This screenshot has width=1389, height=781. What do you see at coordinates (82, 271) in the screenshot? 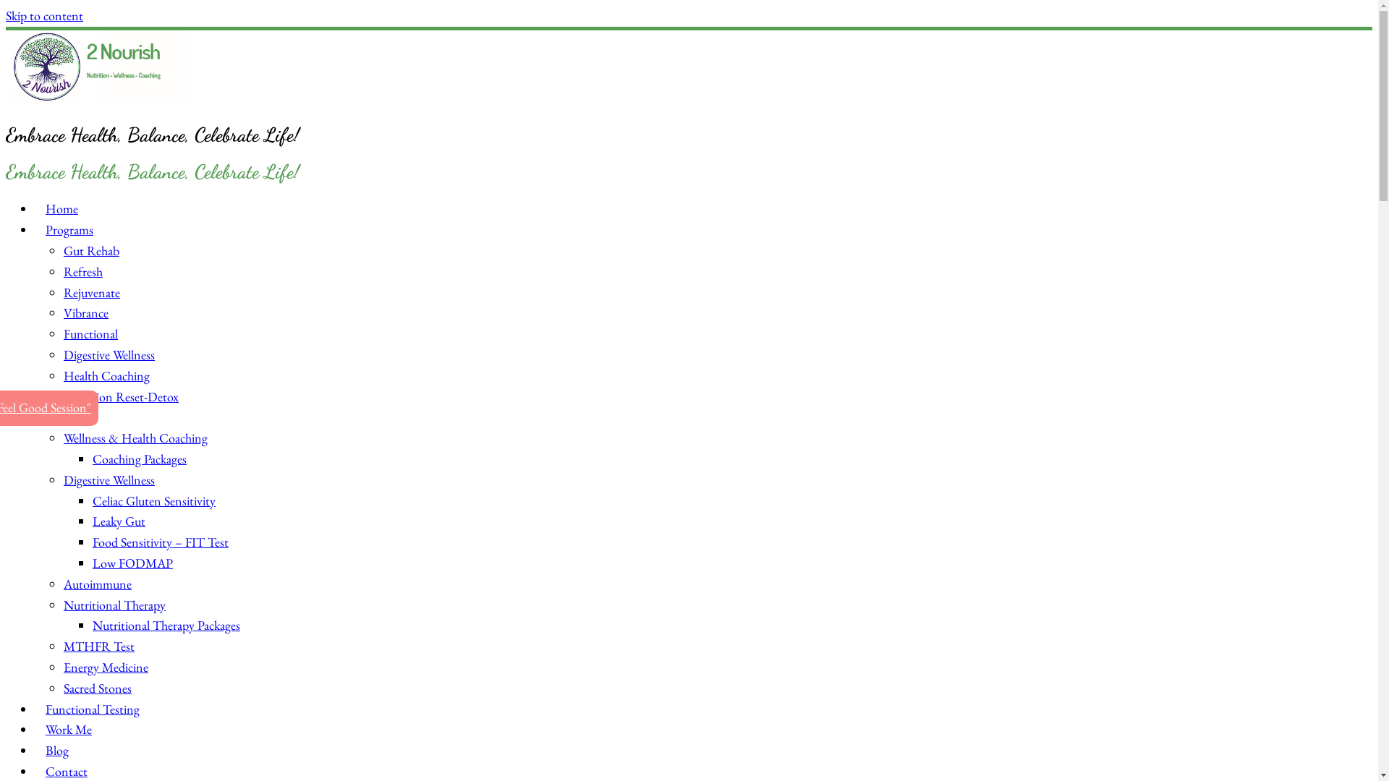
I see `'Refresh'` at bounding box center [82, 271].